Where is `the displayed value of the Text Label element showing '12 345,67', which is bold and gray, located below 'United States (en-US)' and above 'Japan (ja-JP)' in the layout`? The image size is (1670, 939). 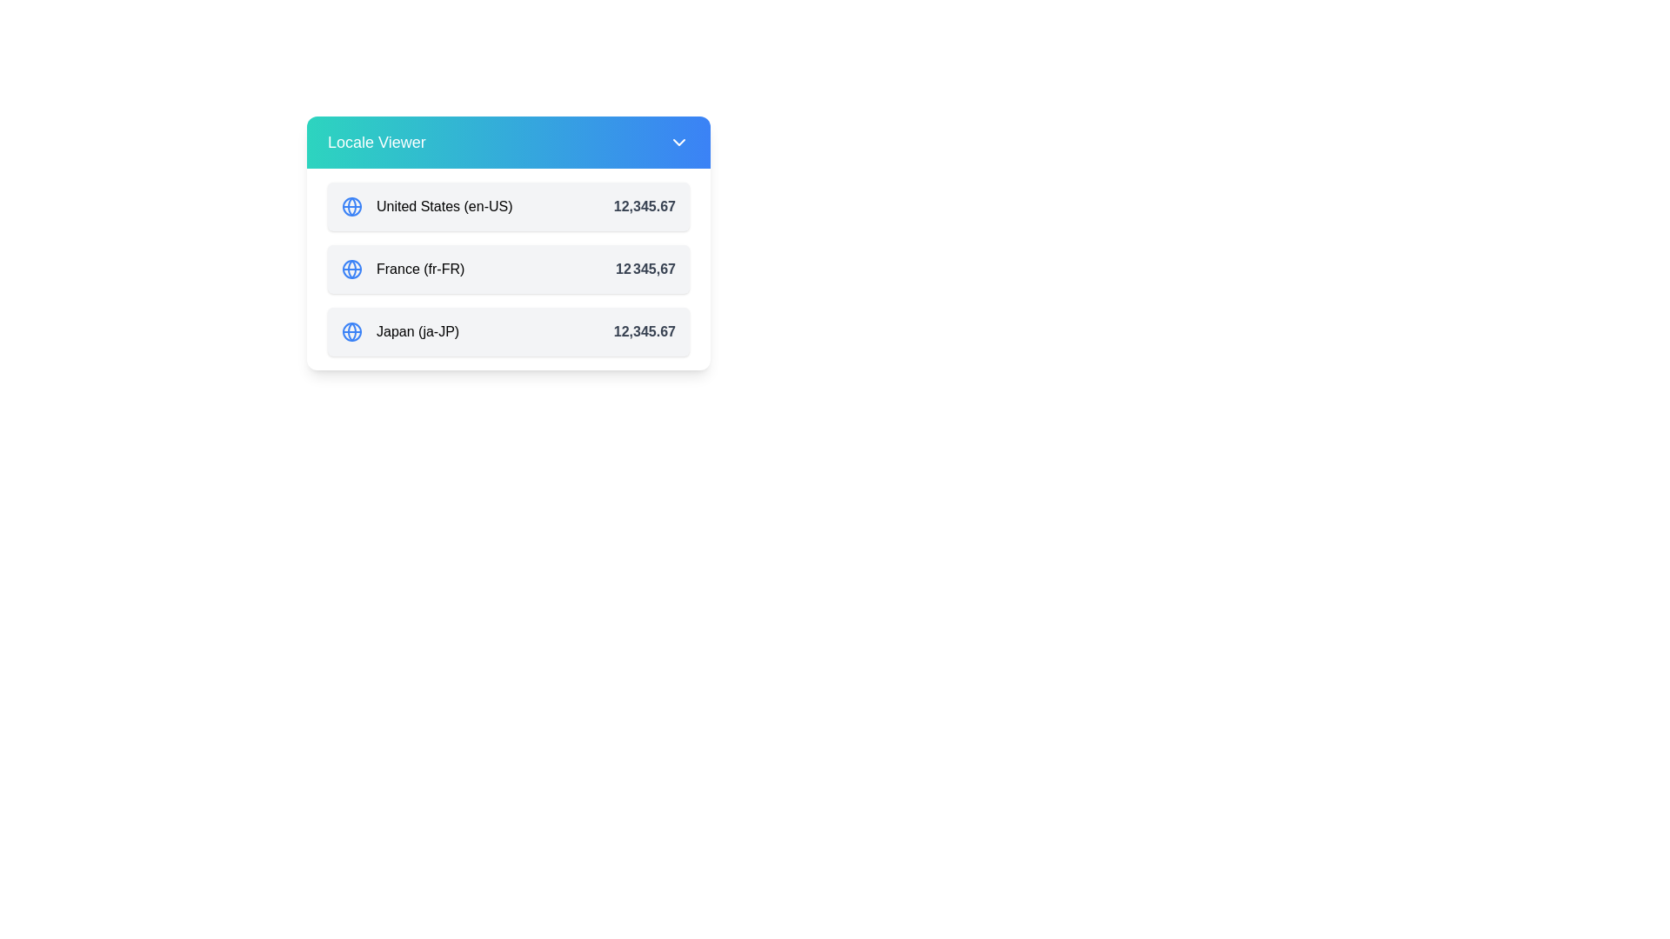
the displayed value of the Text Label element showing '12 345,67', which is bold and gray, located below 'United States (en-US)' and above 'Japan (ja-JP)' in the layout is located at coordinates (645, 269).